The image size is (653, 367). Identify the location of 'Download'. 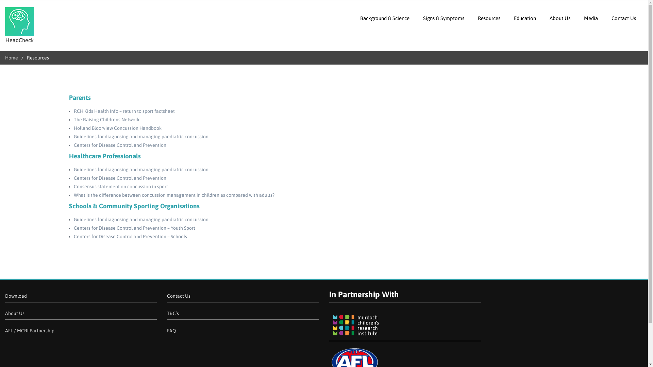
(16, 296).